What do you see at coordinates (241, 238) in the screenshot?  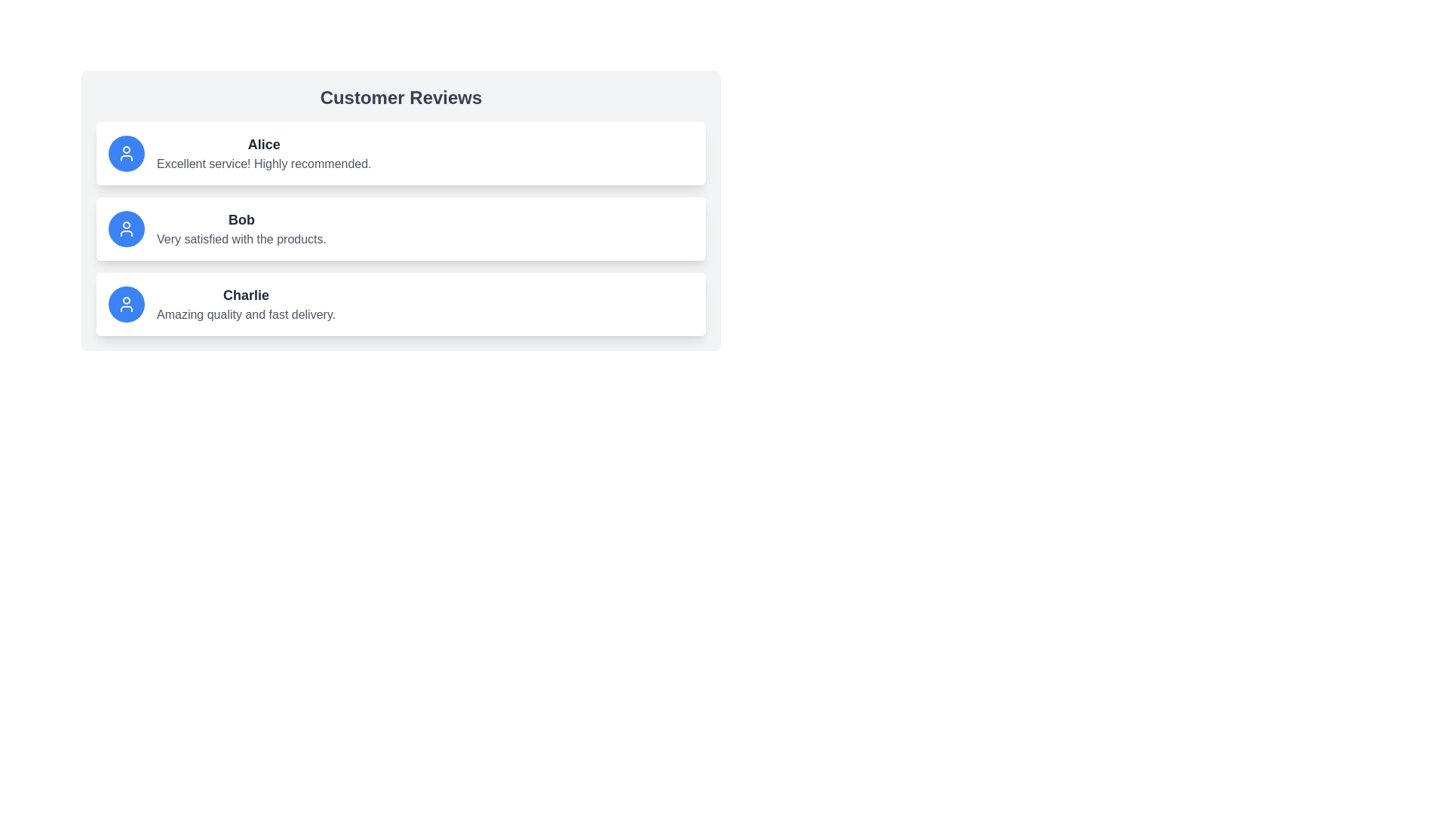 I see `the text element that displays 'Very satisfied with the products.' located below the name 'Bob' in the Customer Reviews section` at bounding box center [241, 238].